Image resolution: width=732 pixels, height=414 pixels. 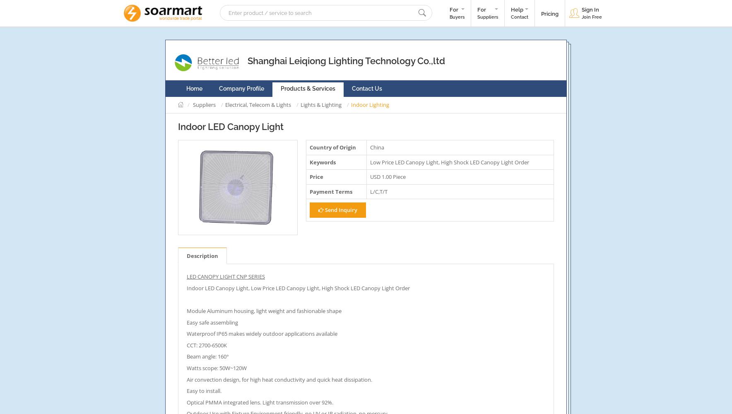 What do you see at coordinates (481, 39) in the screenshot?
I see `'Post Buying Requirement'` at bounding box center [481, 39].